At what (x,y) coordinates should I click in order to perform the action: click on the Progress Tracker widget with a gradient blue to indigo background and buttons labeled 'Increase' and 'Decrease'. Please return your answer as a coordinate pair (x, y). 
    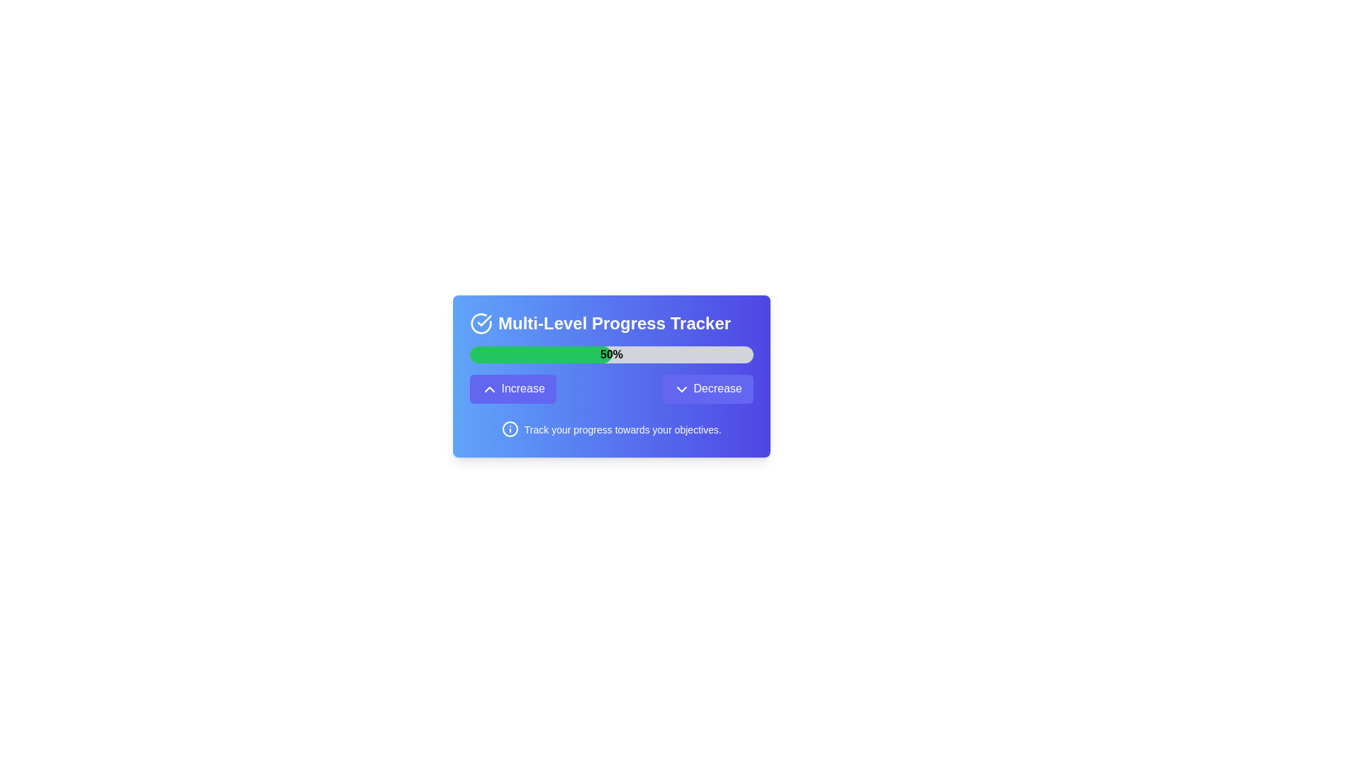
    Looking at the image, I should click on (612, 375).